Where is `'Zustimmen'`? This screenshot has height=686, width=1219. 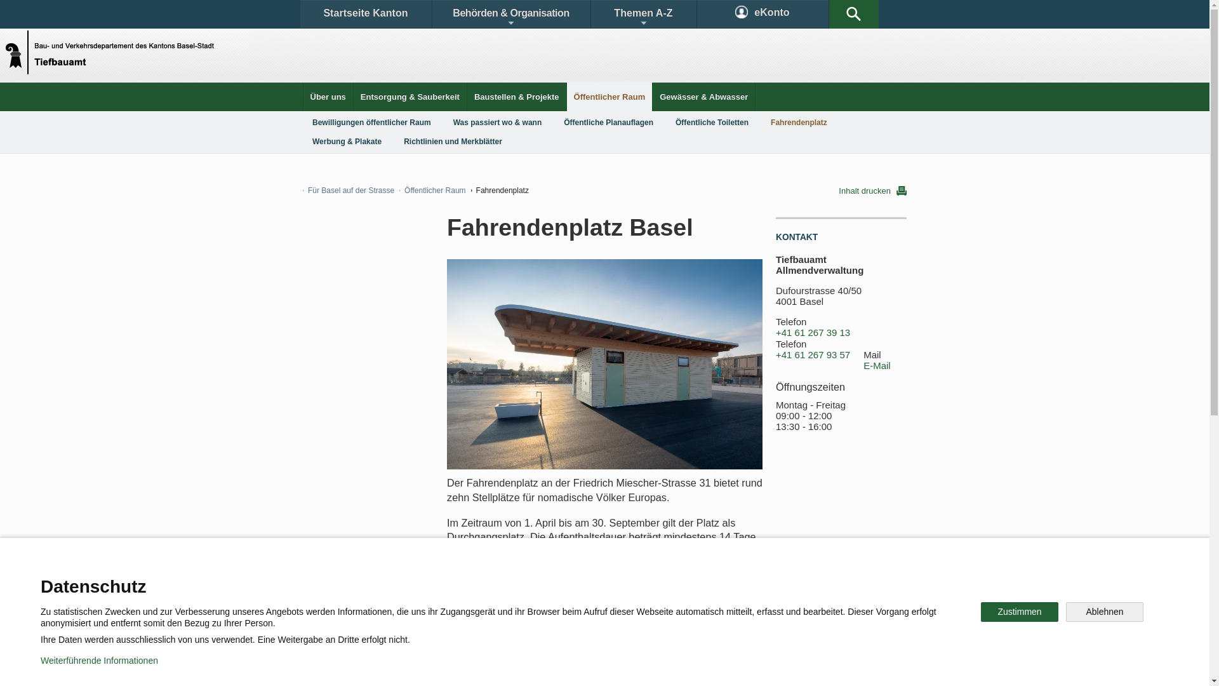
'Zustimmen' is located at coordinates (1020, 611).